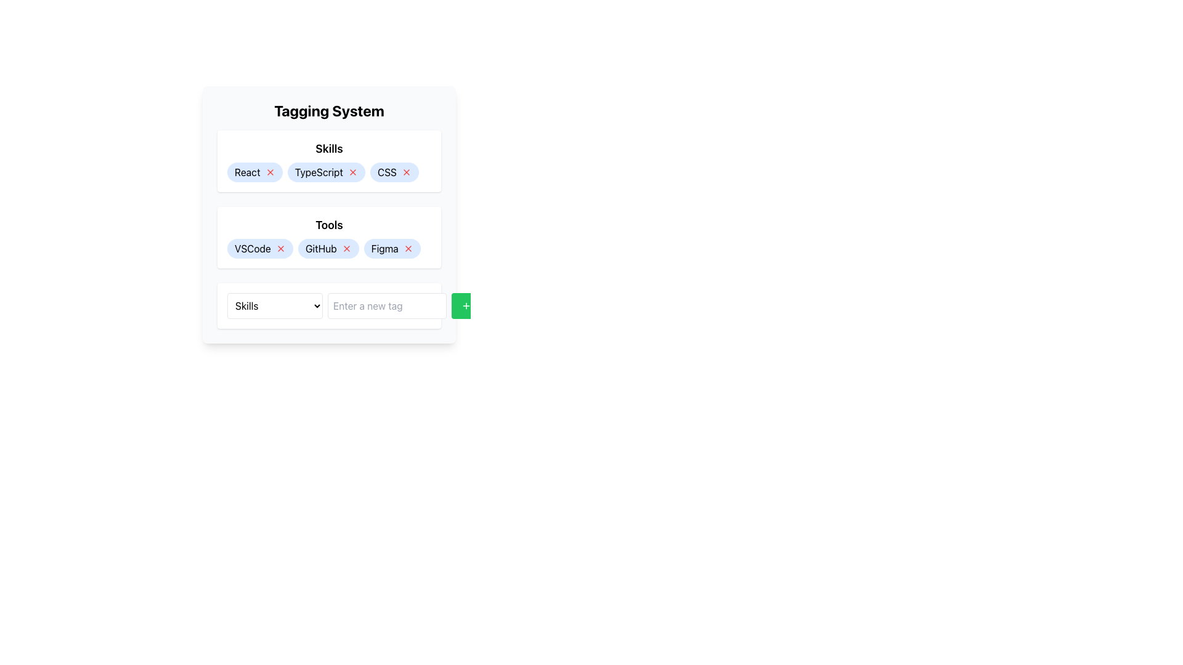 This screenshot has width=1183, height=665. Describe the element at coordinates (326, 172) in the screenshot. I see `the 'TypeScript' tag in the 'Skills' section, which has a light blue background and a red 'X' icon for removal, treating it as a static display` at that location.